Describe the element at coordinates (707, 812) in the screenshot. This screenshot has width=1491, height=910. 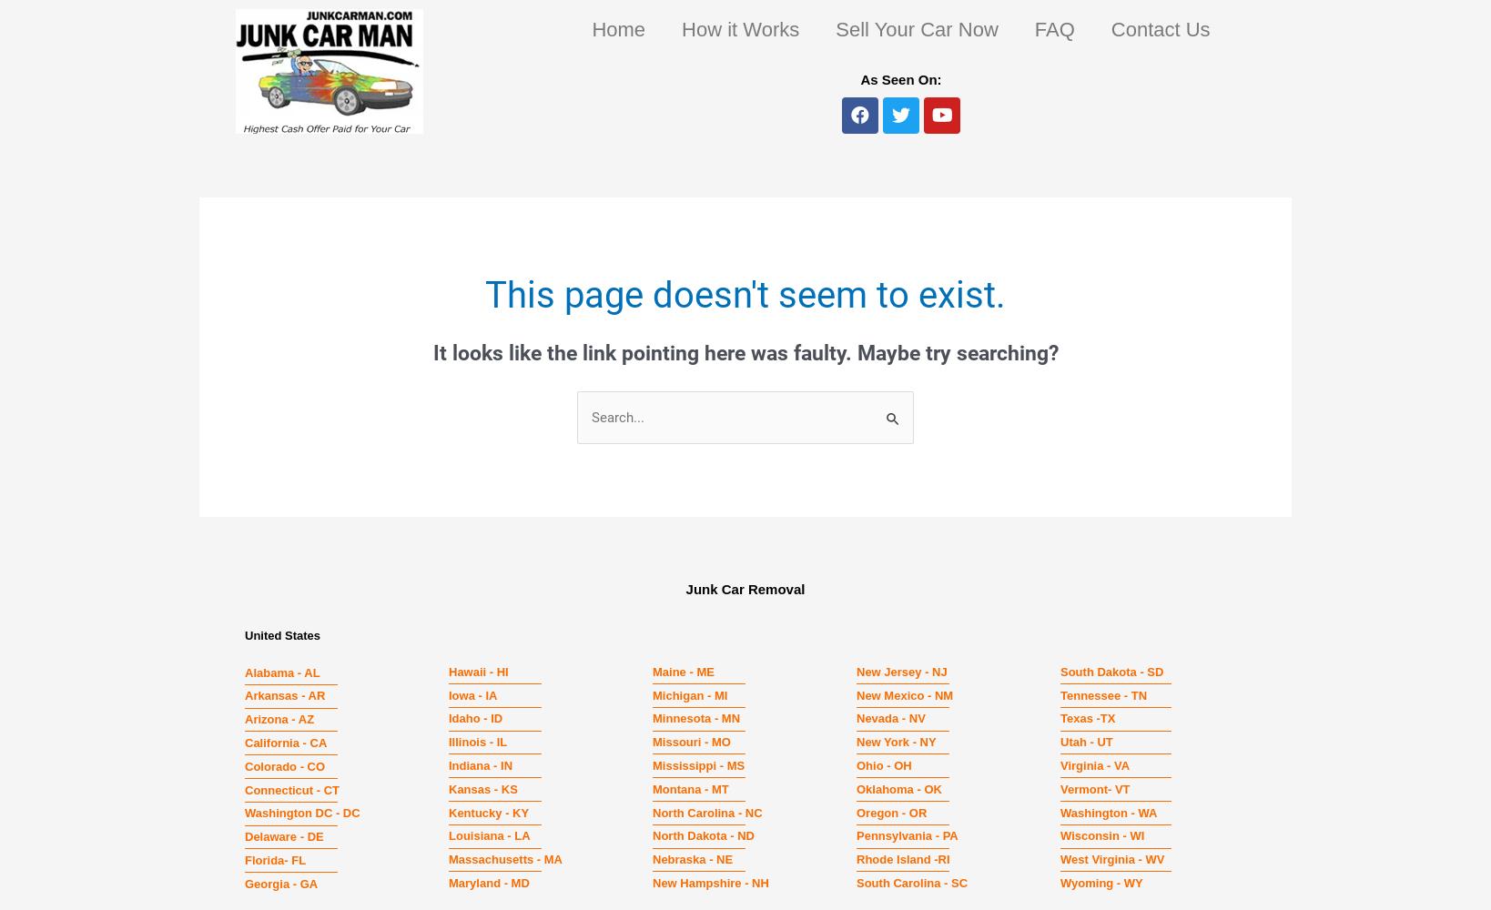
I see `'North Carolina - NC'` at that location.